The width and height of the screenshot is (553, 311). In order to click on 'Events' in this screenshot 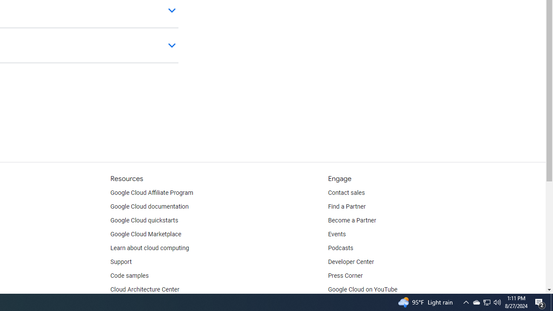, I will do `click(337, 234)`.